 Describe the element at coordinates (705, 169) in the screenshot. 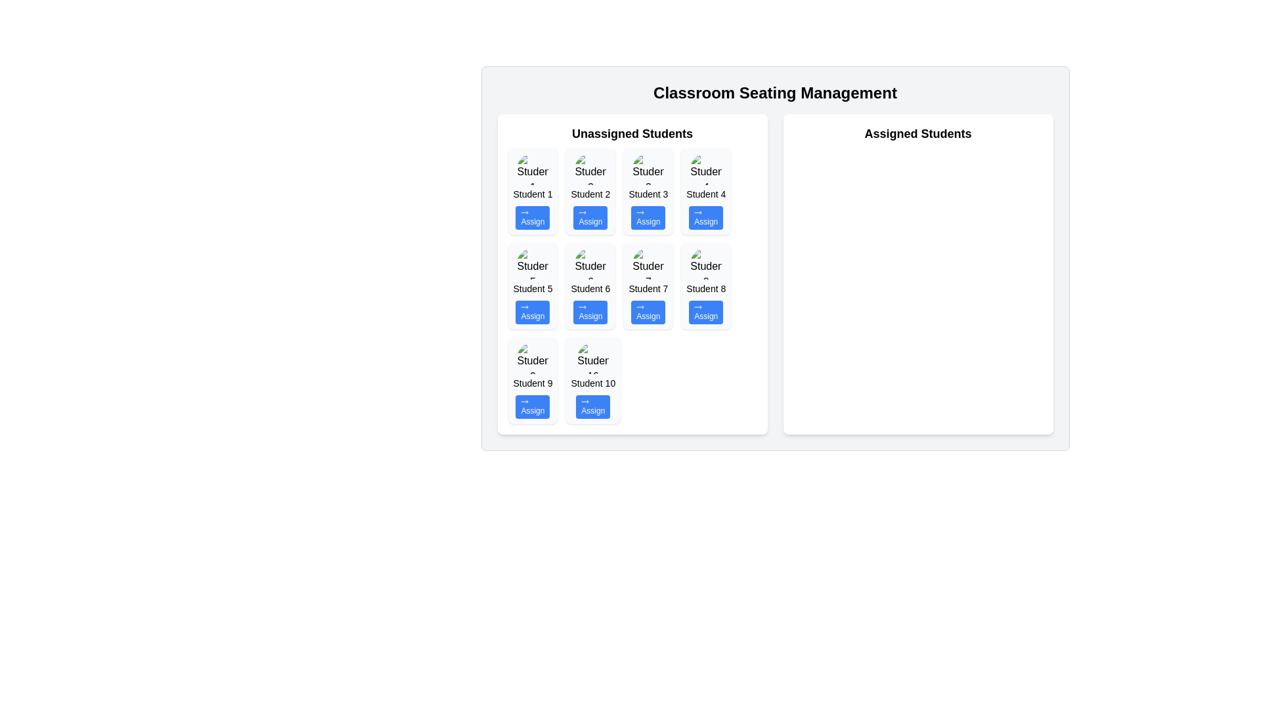

I see `the profile picture representing 'Stu 4', which is a small circular image with a white border, located in the fourth position of the grid of 'Unassigned Students'` at that location.